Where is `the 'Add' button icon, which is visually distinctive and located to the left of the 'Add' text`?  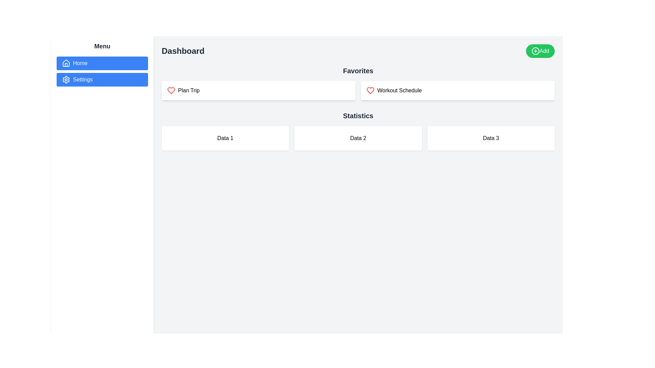 the 'Add' button icon, which is visually distinctive and located to the left of the 'Add' text is located at coordinates (535, 51).